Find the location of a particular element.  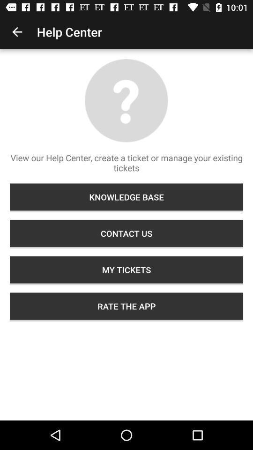

rate the app is located at coordinates (126, 306).